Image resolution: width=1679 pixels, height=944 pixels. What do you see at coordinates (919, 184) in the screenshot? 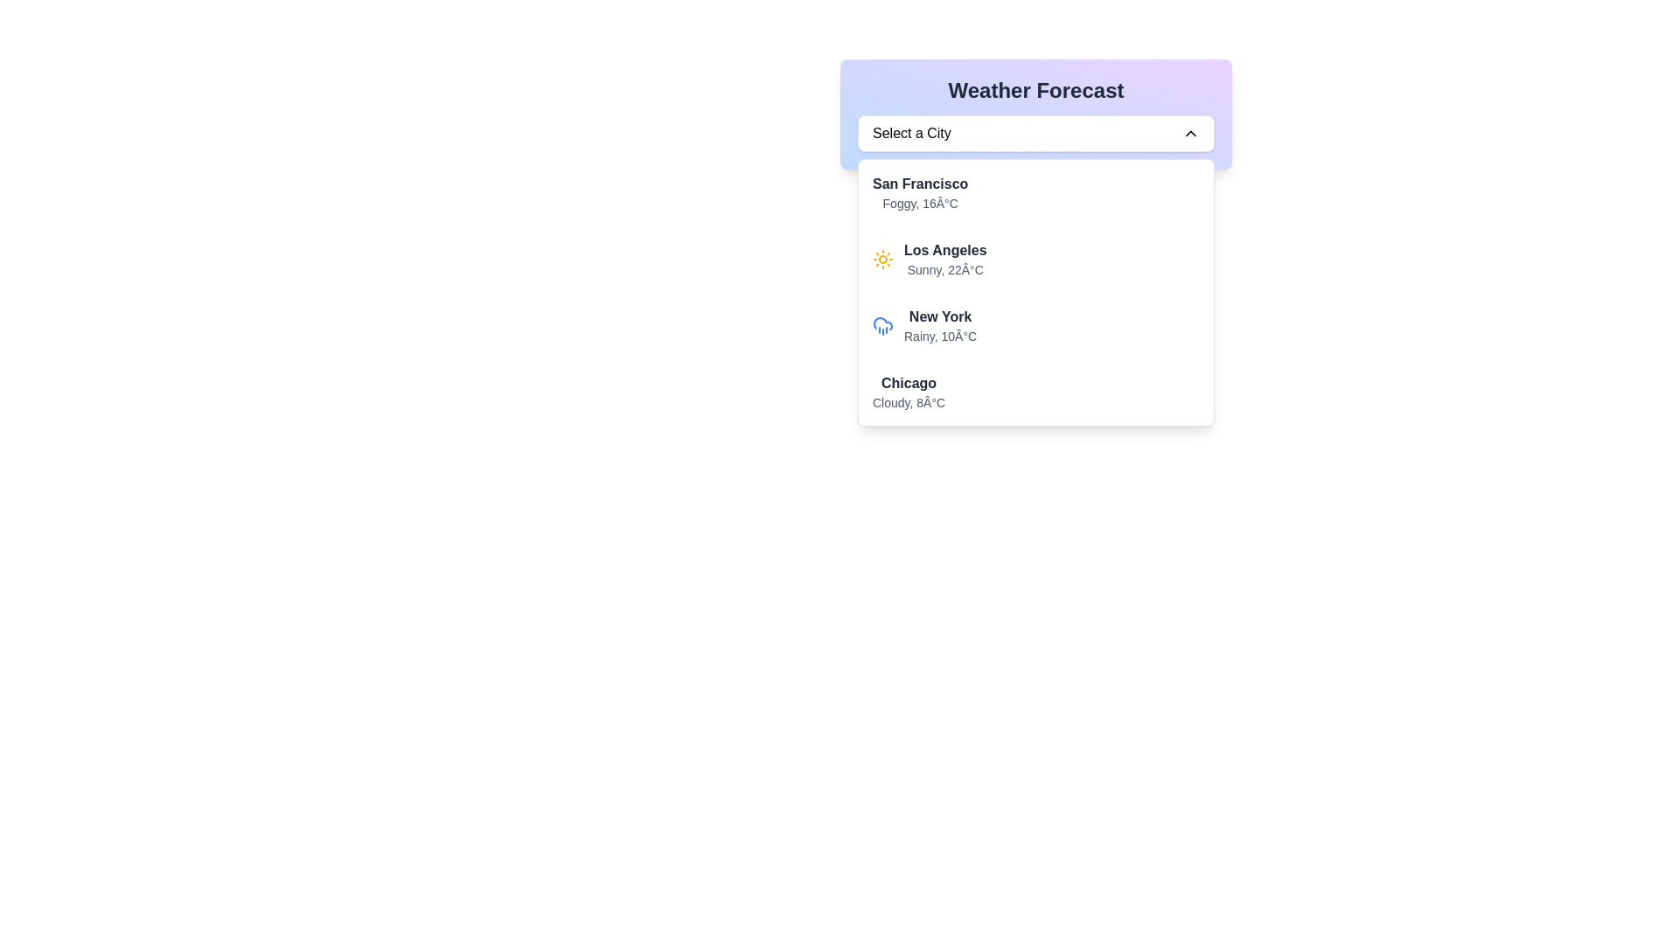
I see `the Text label indicating the name of the selected city within the dropdown in the 'Weather Forecast' section, positioned above the descriptive text 'Foggy, 16°C'` at bounding box center [919, 184].